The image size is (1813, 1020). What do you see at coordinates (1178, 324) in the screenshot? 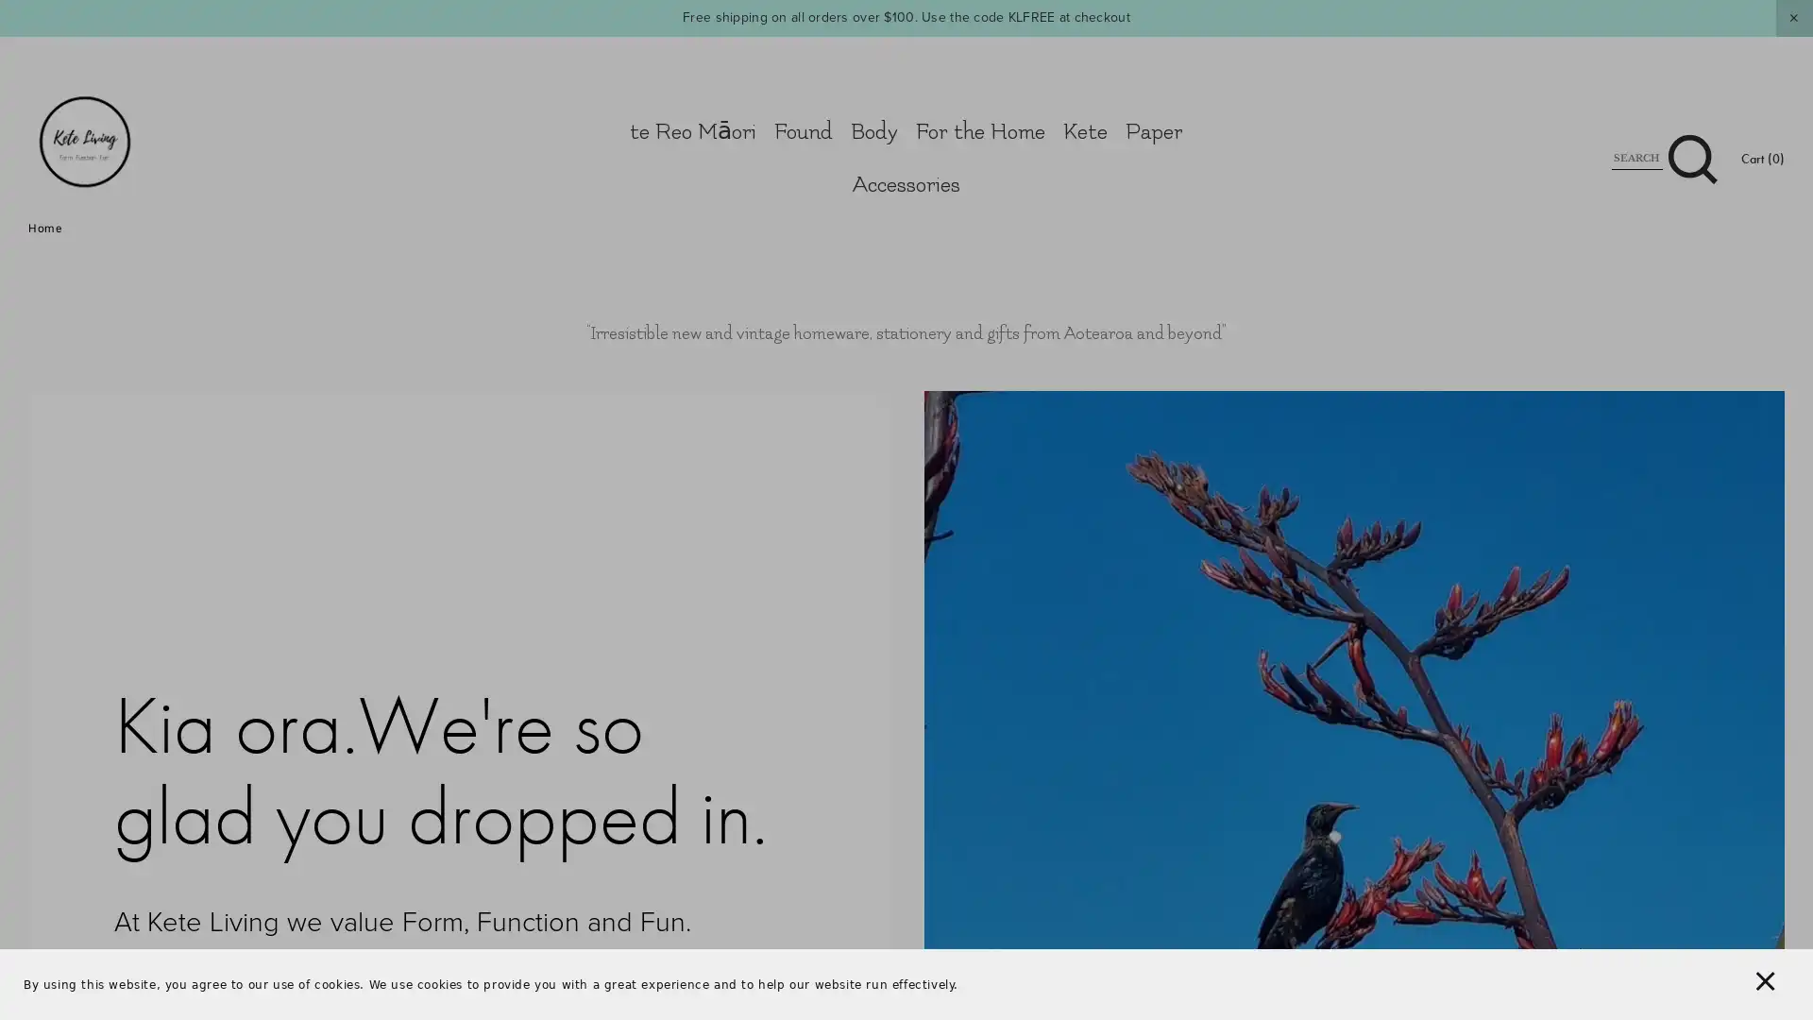
I see `Close` at bounding box center [1178, 324].